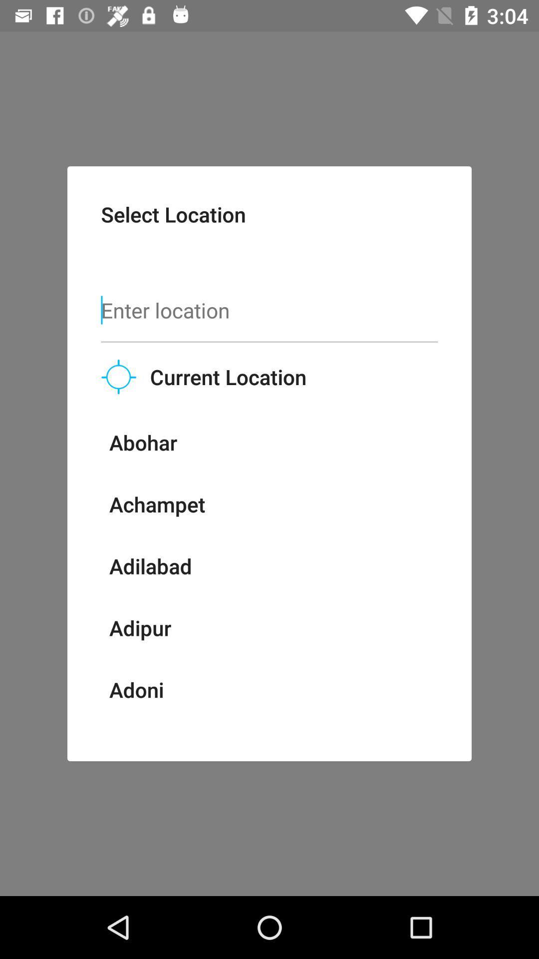 The height and width of the screenshot is (959, 539). I want to click on the location_crosshair icon, so click(118, 376).